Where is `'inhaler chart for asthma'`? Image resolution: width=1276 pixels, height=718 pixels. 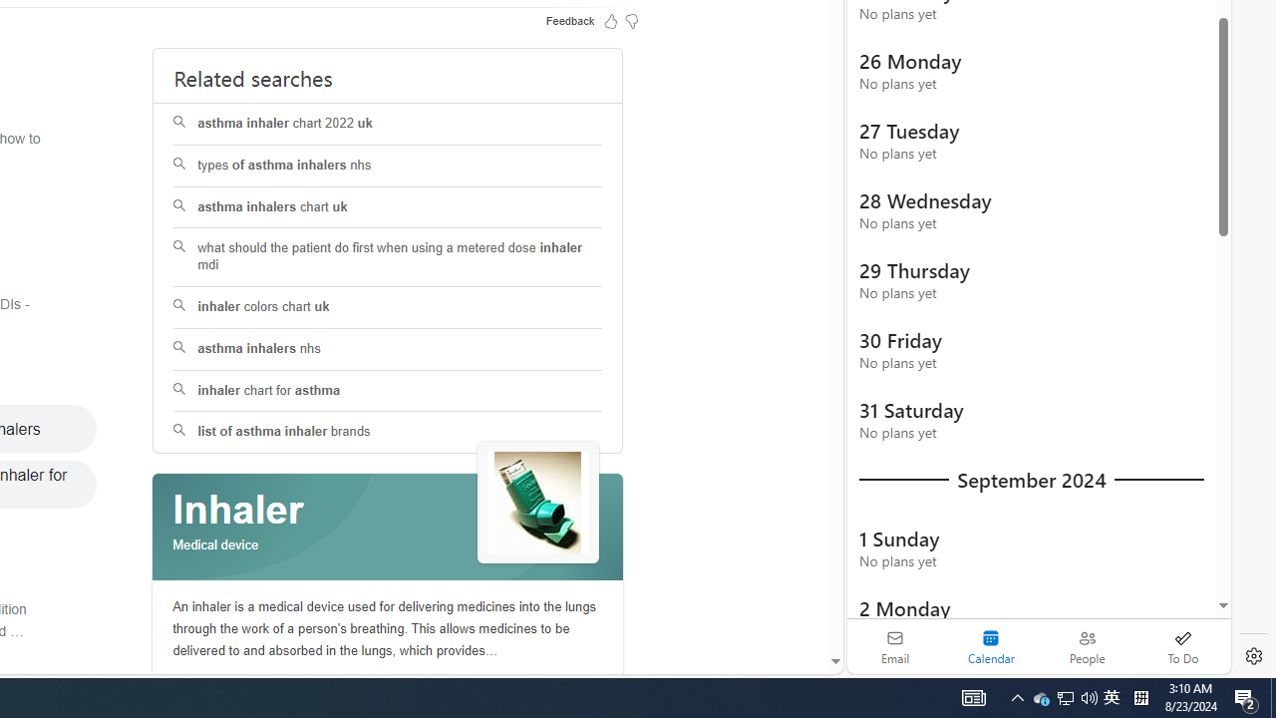 'inhaler chart for asthma' is located at coordinates (388, 391).